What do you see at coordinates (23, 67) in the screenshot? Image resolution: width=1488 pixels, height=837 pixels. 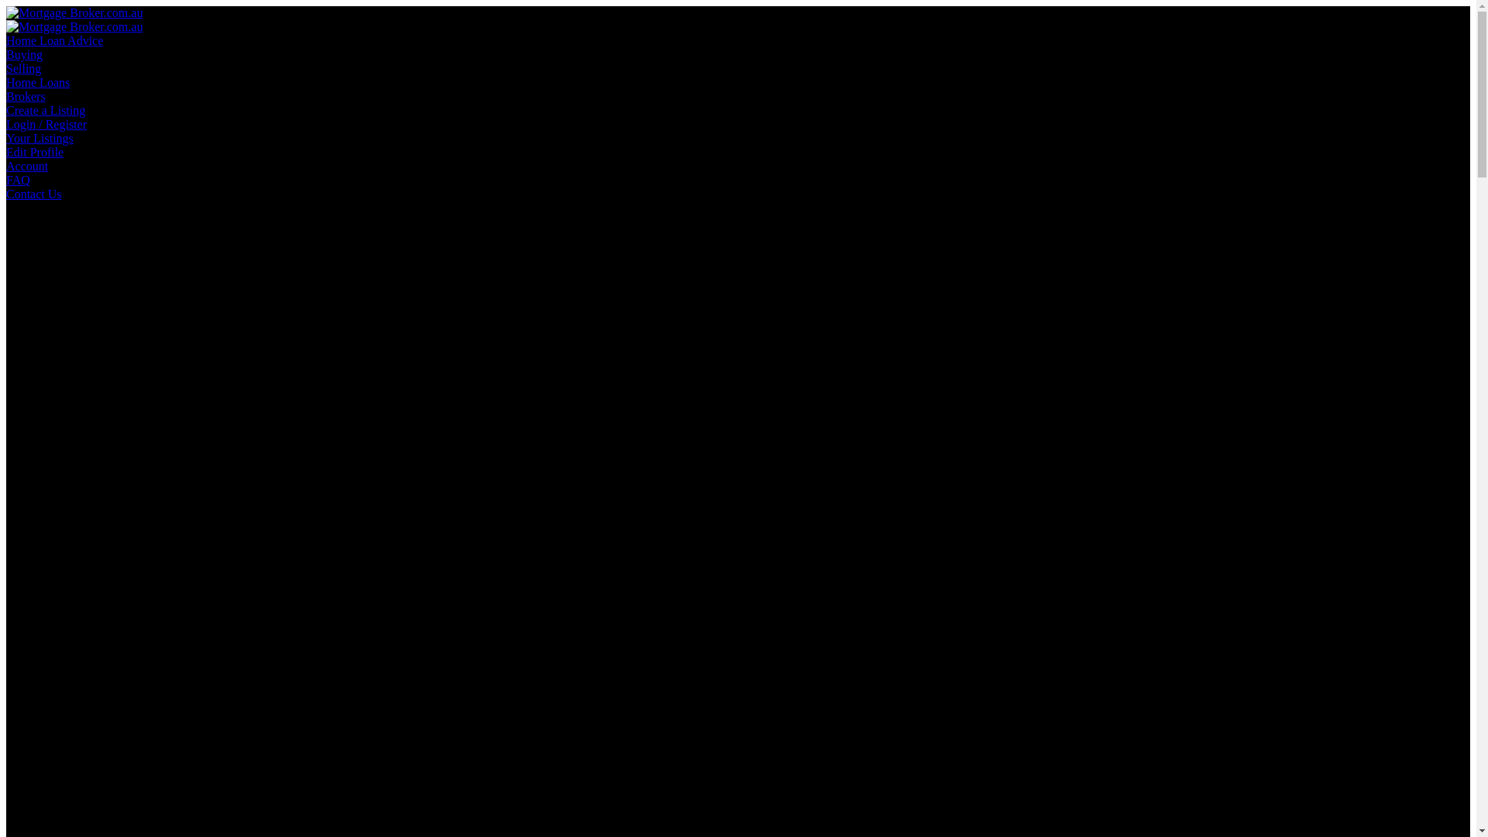 I see `'Selling'` at bounding box center [23, 67].